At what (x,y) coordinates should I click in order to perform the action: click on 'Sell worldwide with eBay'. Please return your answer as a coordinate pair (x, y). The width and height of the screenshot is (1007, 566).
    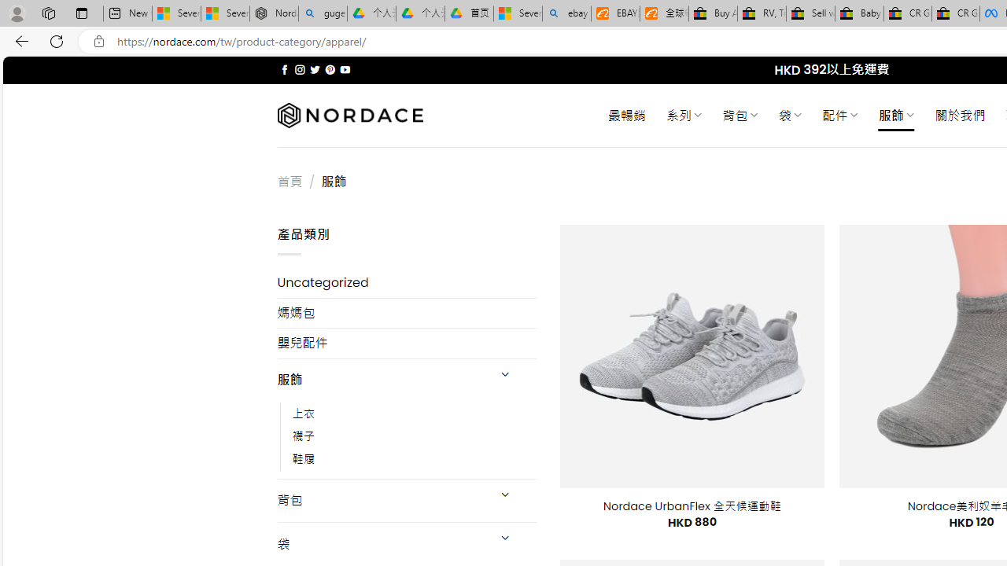
    Looking at the image, I should click on (810, 13).